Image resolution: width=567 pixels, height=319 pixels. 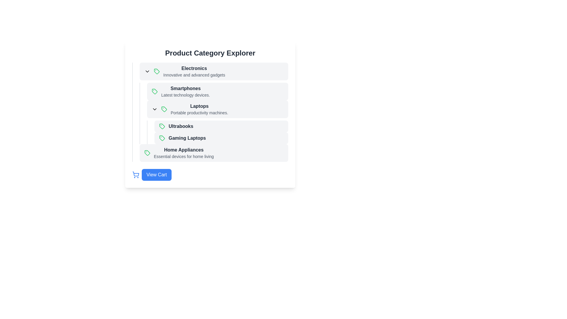 I want to click on the green tag-shaped icon located next to the 'Electronics' label in the product category explorer by clicking on it, so click(x=157, y=71).